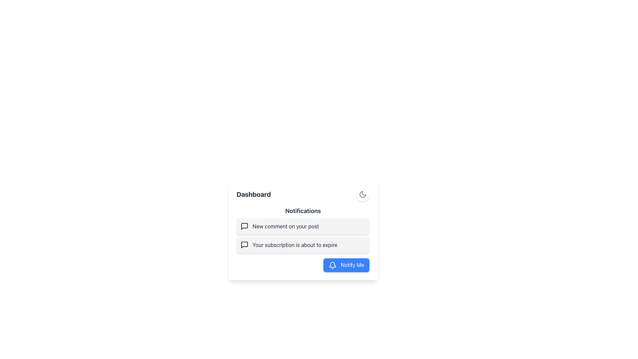  I want to click on informational notification about the expiration of the subscription, which is the second notification item in the Notifications section, below the 'New comment on your post' message, so click(294, 245).